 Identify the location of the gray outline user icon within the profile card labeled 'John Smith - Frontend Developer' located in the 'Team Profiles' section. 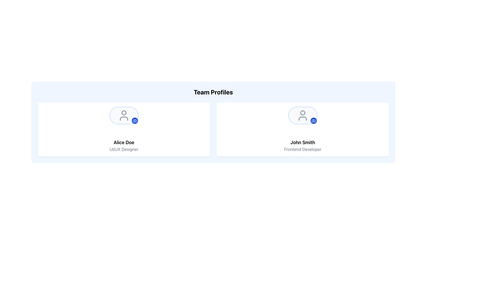
(303, 115).